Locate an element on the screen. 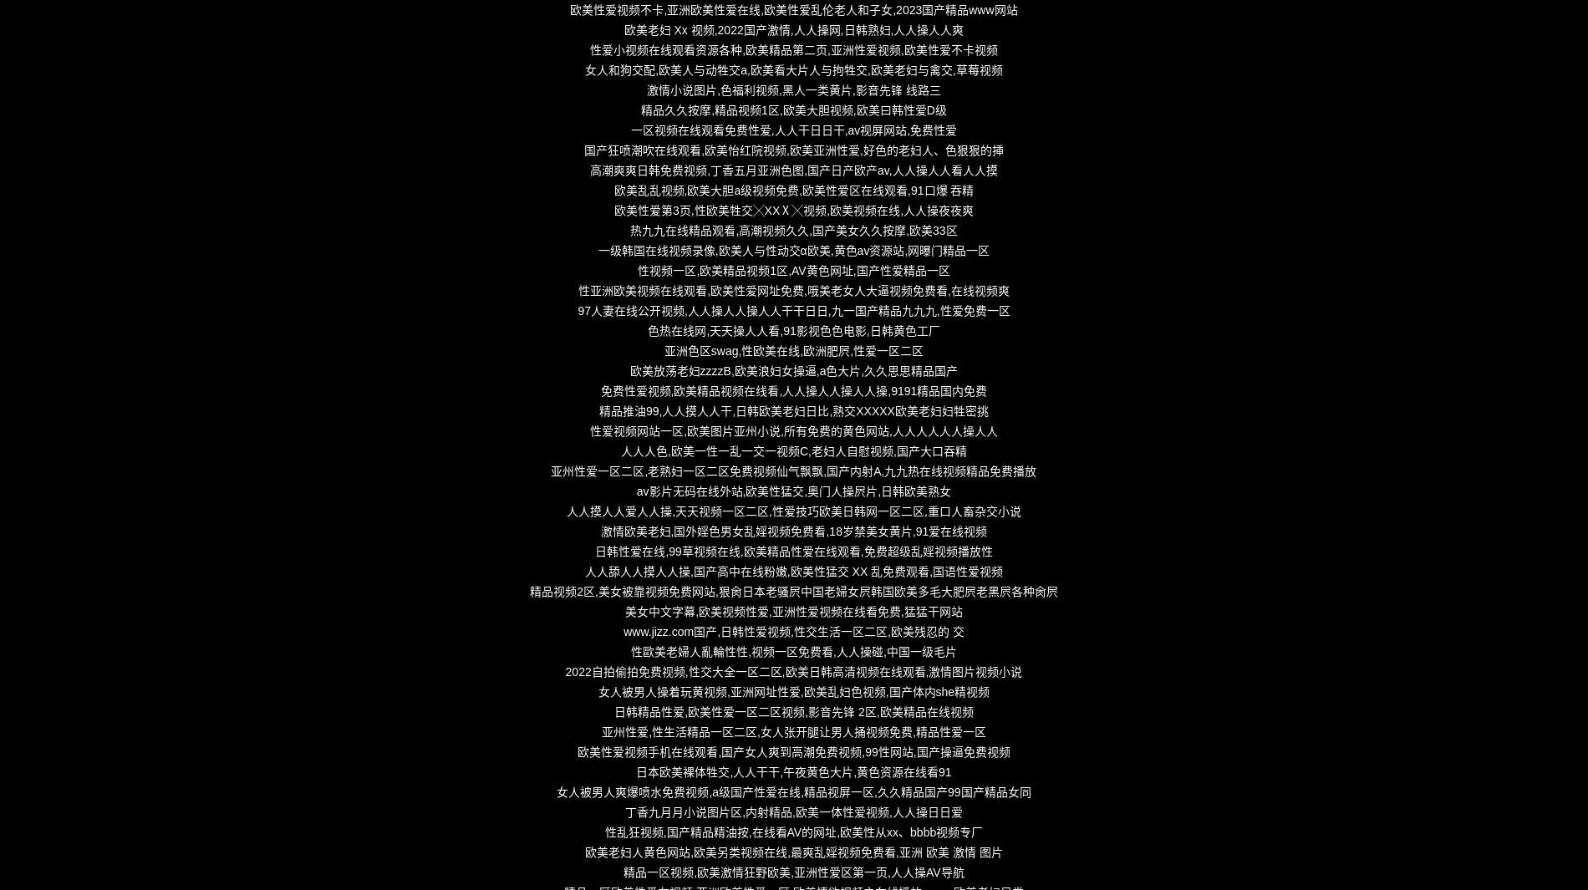 This screenshot has width=1588, height=890. '激情小说图片,色福利视频,黑人一类黄片,影音先锋 线路三' is located at coordinates (792, 89).